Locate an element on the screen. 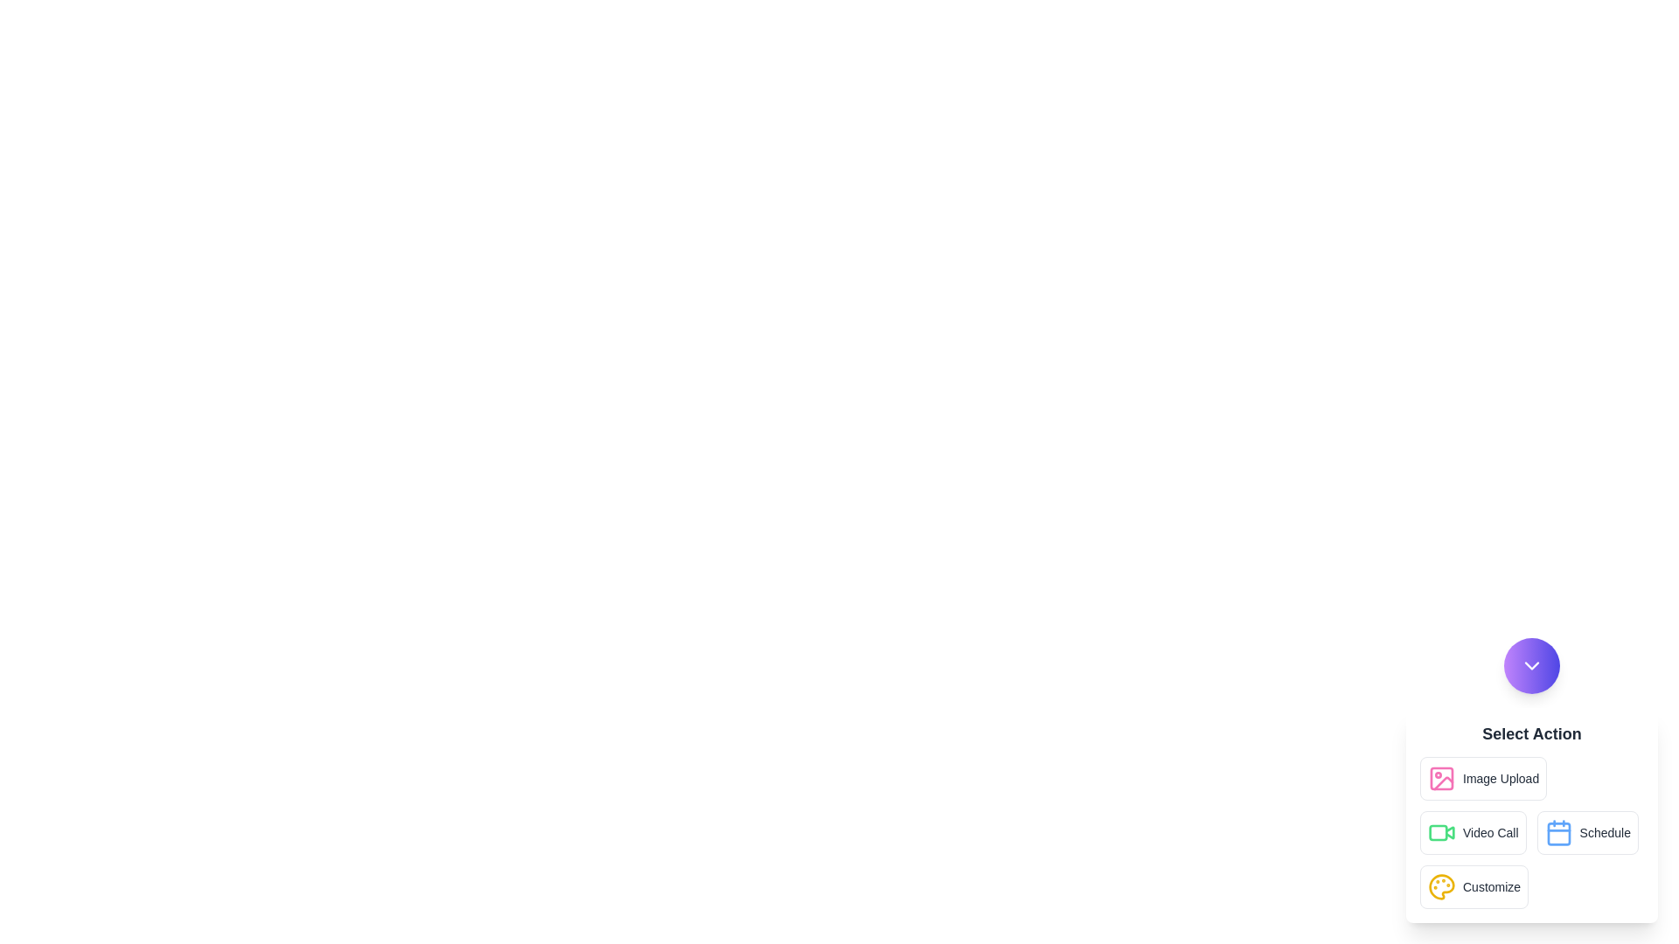 The width and height of the screenshot is (1679, 944). the 'Schedule' icon is located at coordinates (1558, 831).